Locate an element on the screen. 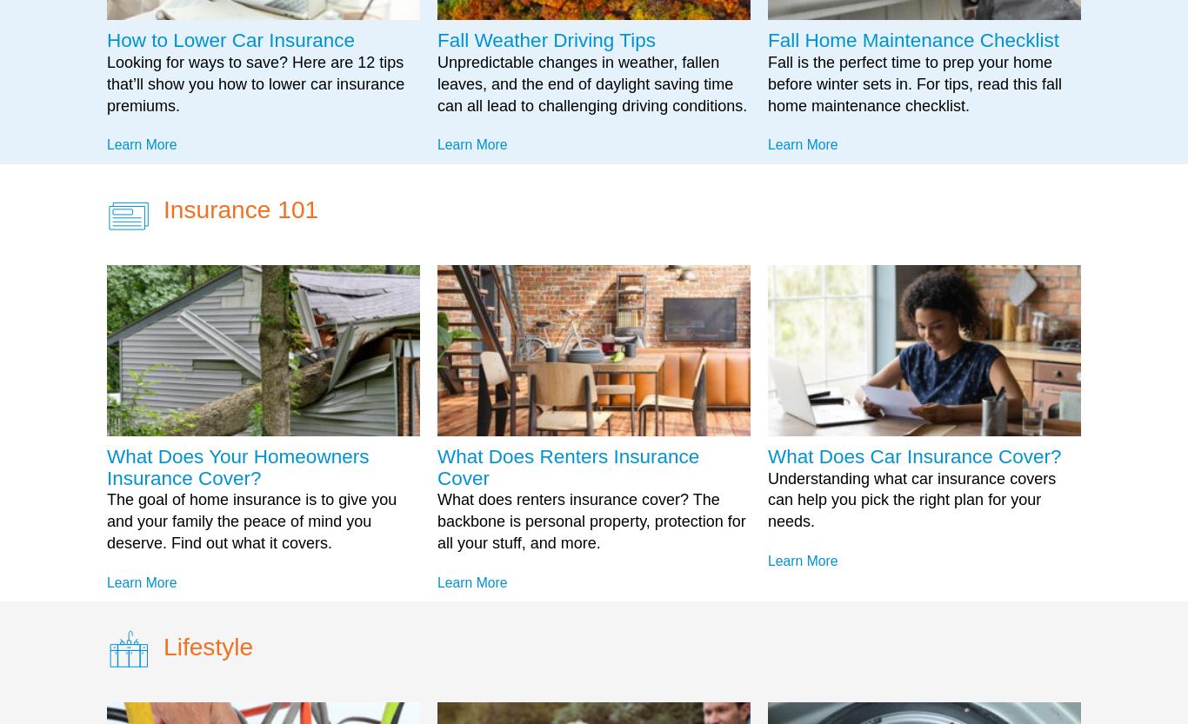 The height and width of the screenshot is (724, 1188). 'What does renters insurance cover? The backbone is personal property, protection for all your stuff, and more.' is located at coordinates (437, 521).